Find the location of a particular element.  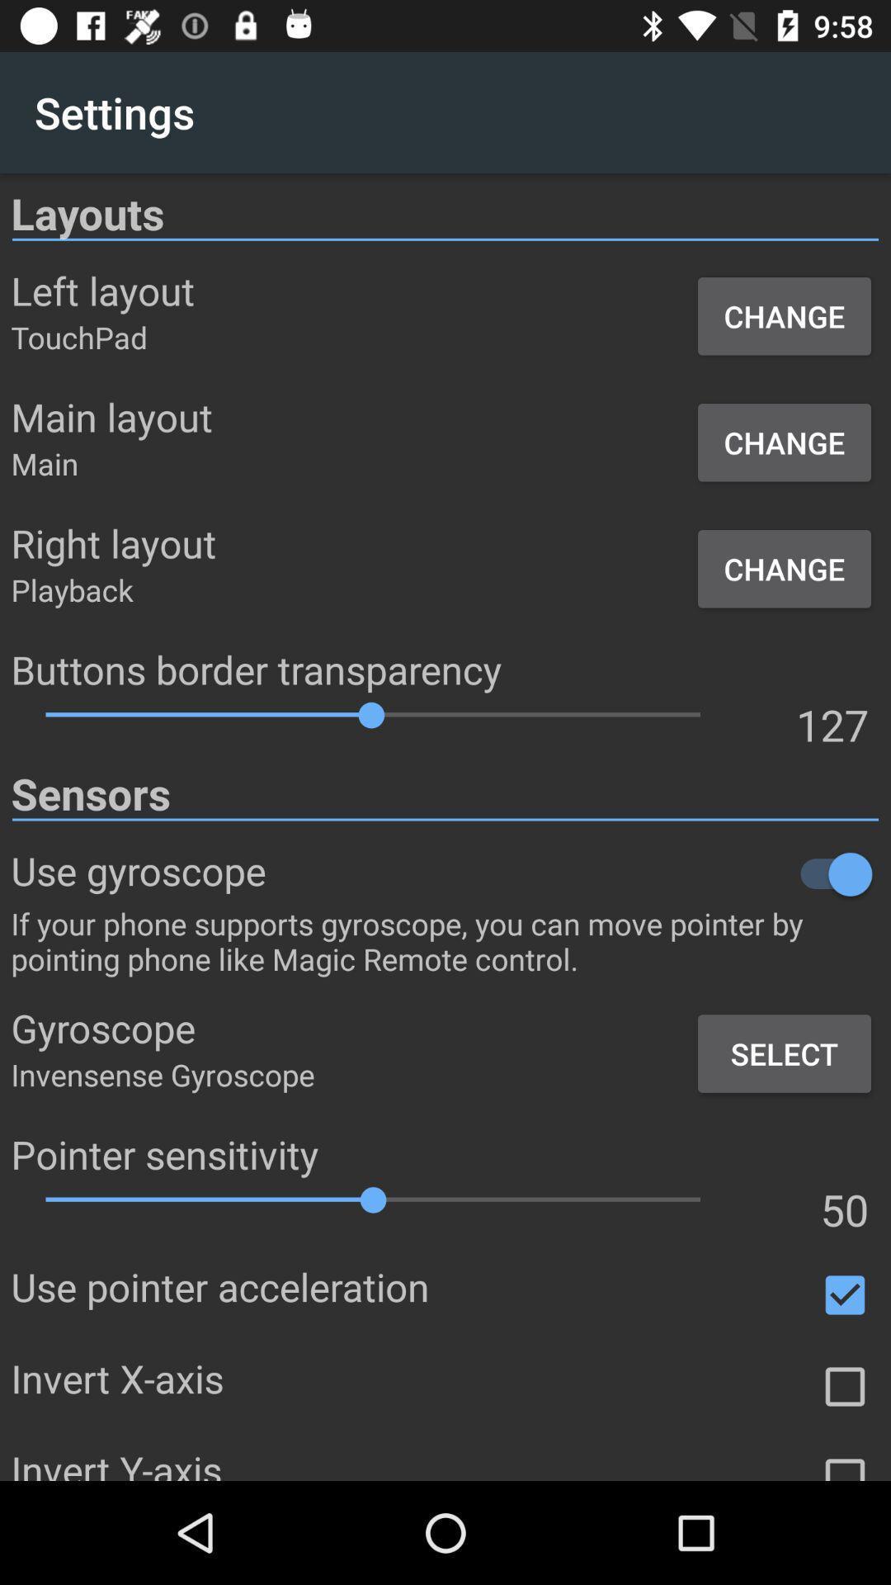

deselect option is located at coordinates (845, 1294).